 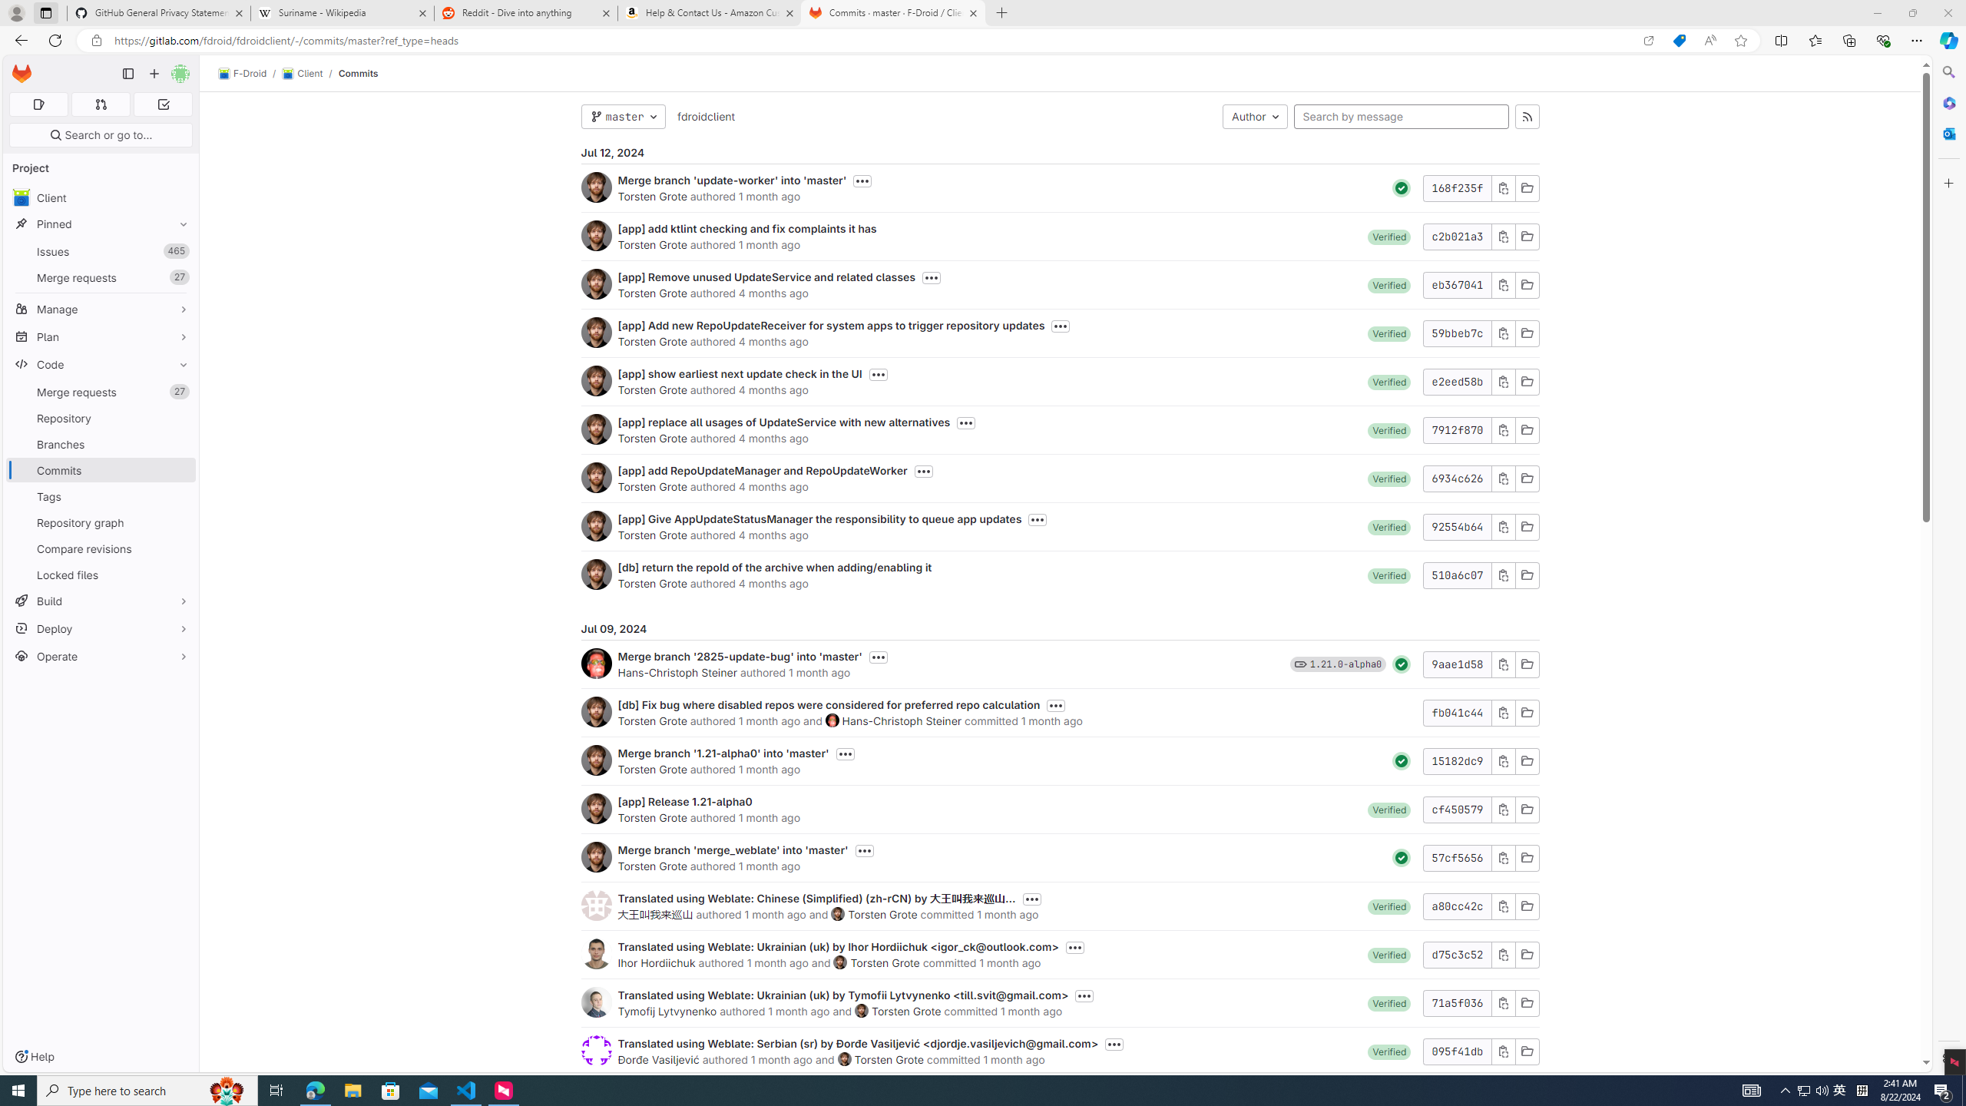 What do you see at coordinates (1001, 12) in the screenshot?
I see `'New Tab'` at bounding box center [1001, 12].